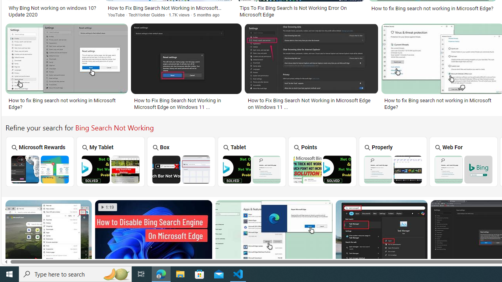 Image resolution: width=502 pixels, height=282 pixels. What do you see at coordinates (53, 11) in the screenshot?
I see `'Why Bing Not working on windows 10? Update 2020'` at bounding box center [53, 11].